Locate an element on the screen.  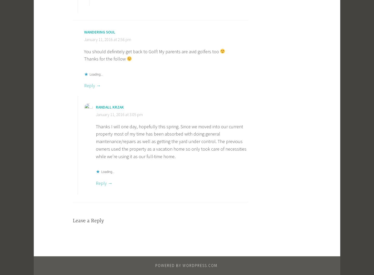
'January 11, 2016 at 2:56 pm' is located at coordinates (84, 39).